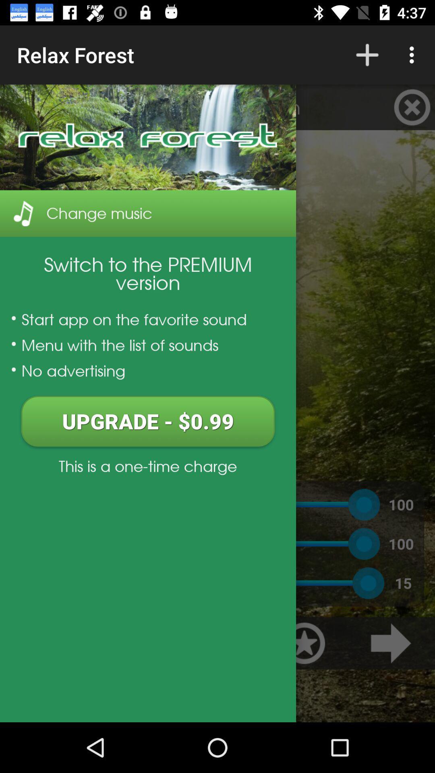 Image resolution: width=435 pixels, height=773 pixels. I want to click on the avatar icon, so click(22, 107).